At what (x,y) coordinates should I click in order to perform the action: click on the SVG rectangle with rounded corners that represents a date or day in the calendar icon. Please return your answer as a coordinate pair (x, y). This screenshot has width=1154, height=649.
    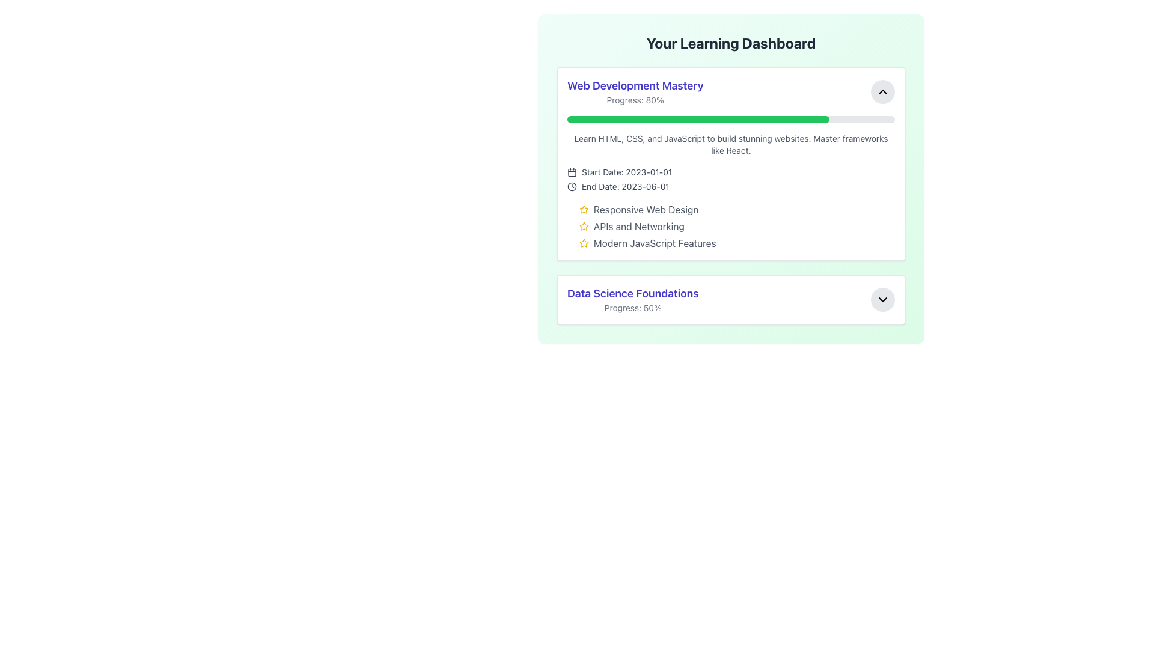
    Looking at the image, I should click on (571, 172).